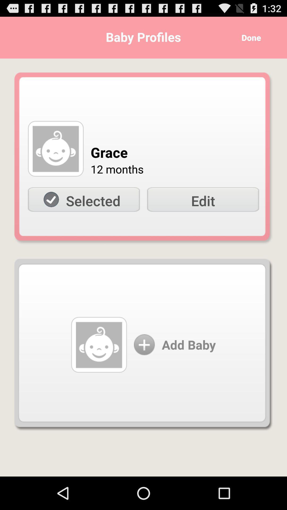 This screenshot has width=287, height=510. I want to click on done at the top right corner, so click(249, 37).